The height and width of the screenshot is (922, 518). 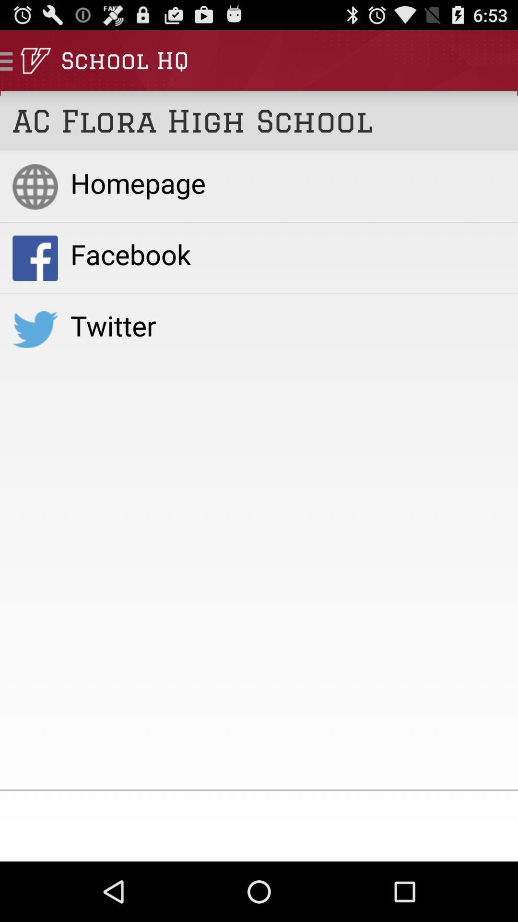 I want to click on the icon above twitter icon, so click(x=287, y=254).